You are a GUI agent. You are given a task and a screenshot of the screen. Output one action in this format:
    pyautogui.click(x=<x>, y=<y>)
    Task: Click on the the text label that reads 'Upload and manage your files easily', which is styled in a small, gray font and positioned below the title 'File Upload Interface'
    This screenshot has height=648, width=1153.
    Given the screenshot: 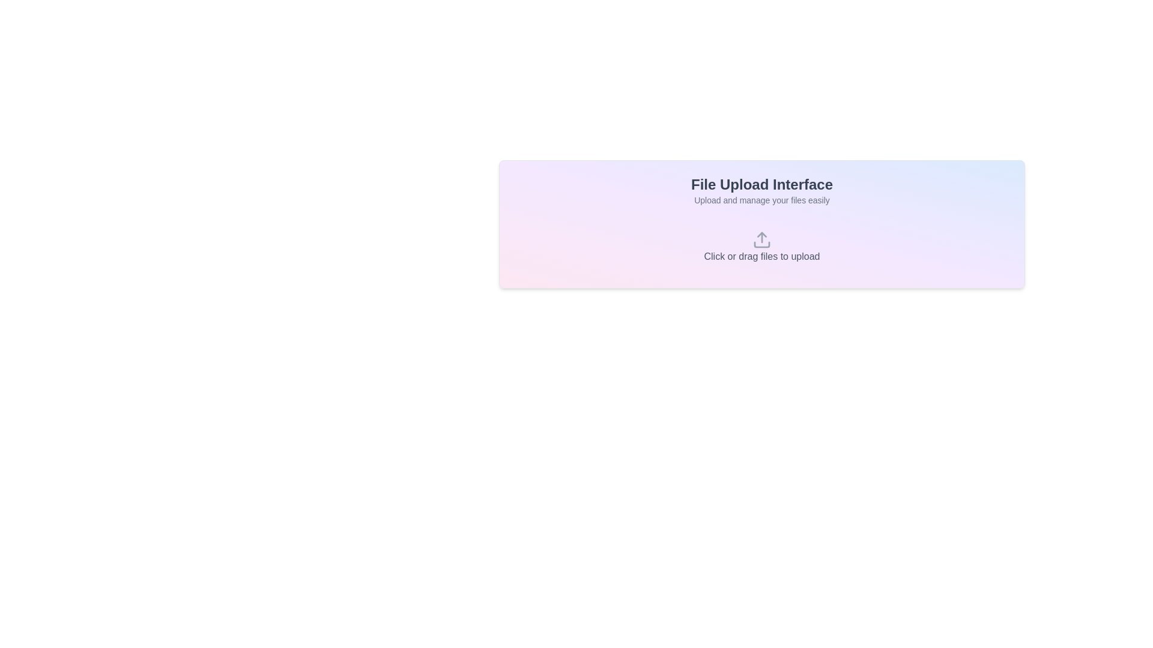 What is the action you would take?
    pyautogui.click(x=761, y=200)
    